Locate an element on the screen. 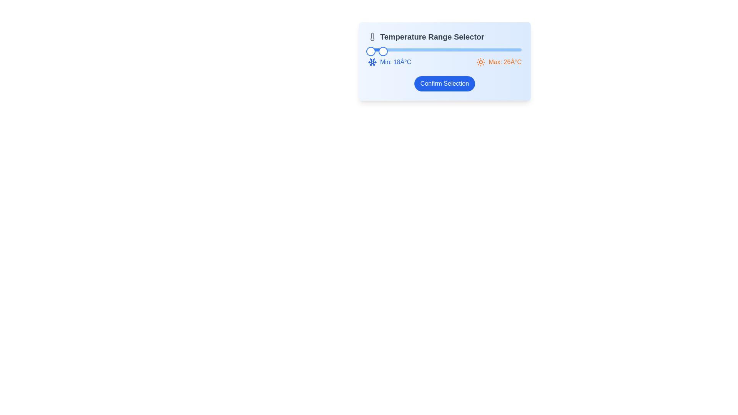 This screenshot has height=415, width=738. the thermometer icon located to the left of the 'Temperature Range Selector' heading in the card component is located at coordinates (372, 37).